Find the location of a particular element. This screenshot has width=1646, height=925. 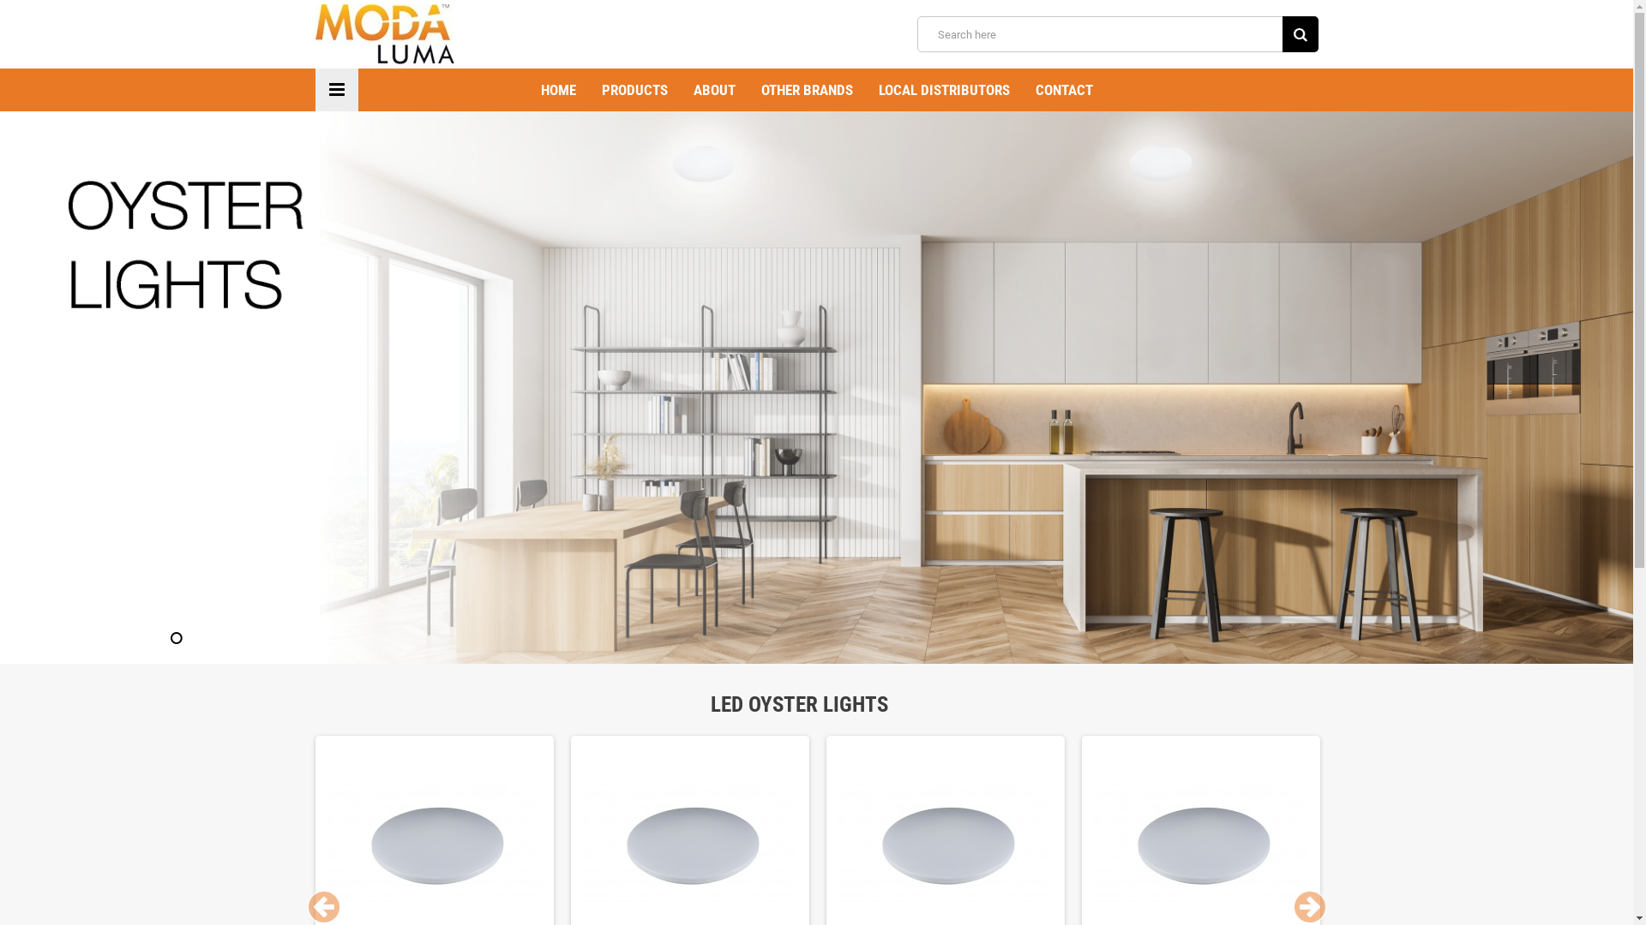

'HOME' is located at coordinates (558, 89).